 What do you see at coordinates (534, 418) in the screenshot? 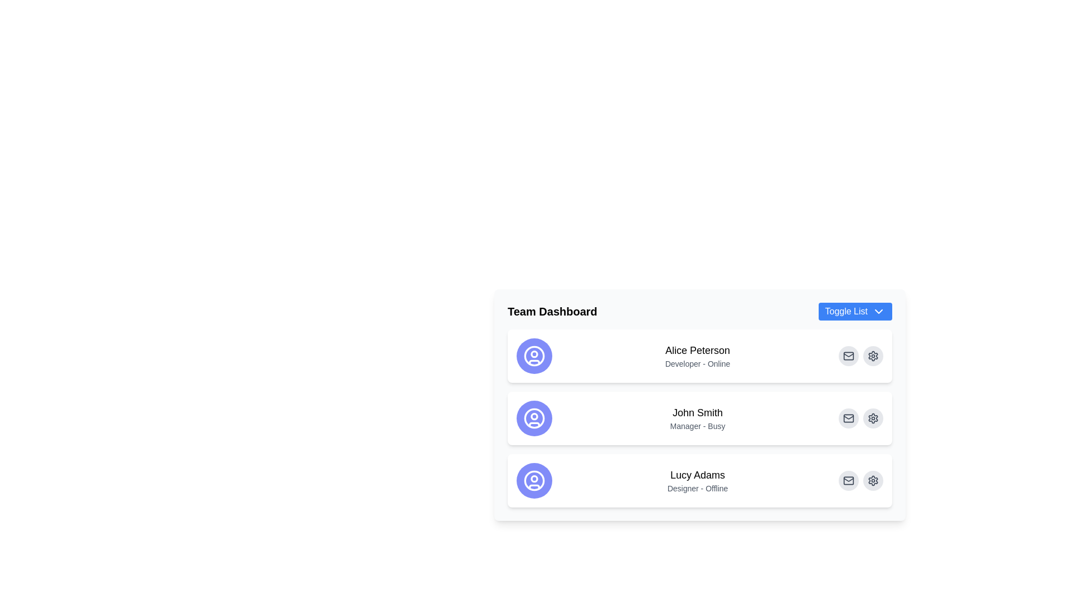
I see `the circular icon button with an indigo background and white user icon located in the 'Team Dashboard' card for 'John Smith' (Manager - Busy)` at bounding box center [534, 418].